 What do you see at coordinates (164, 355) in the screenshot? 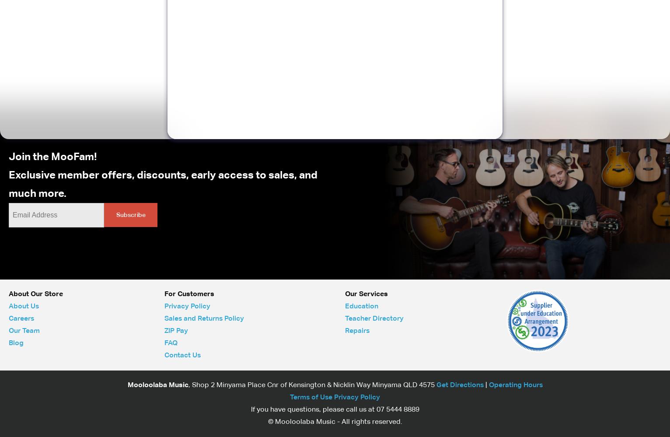
I see `'Contact Us'` at bounding box center [164, 355].